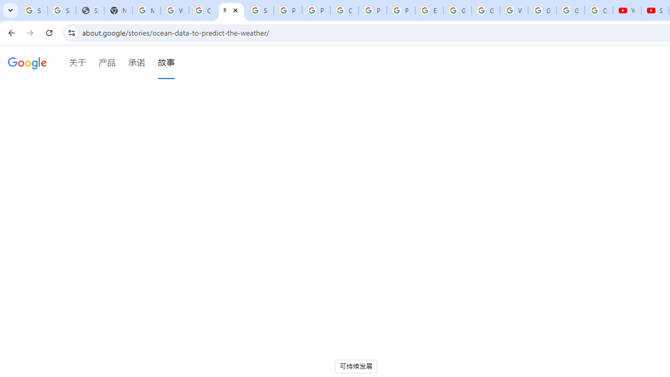 The width and height of the screenshot is (670, 377). What do you see at coordinates (429, 10) in the screenshot?
I see `'Edit and view right-to-left text - Google Docs Editors Help'` at bounding box center [429, 10].